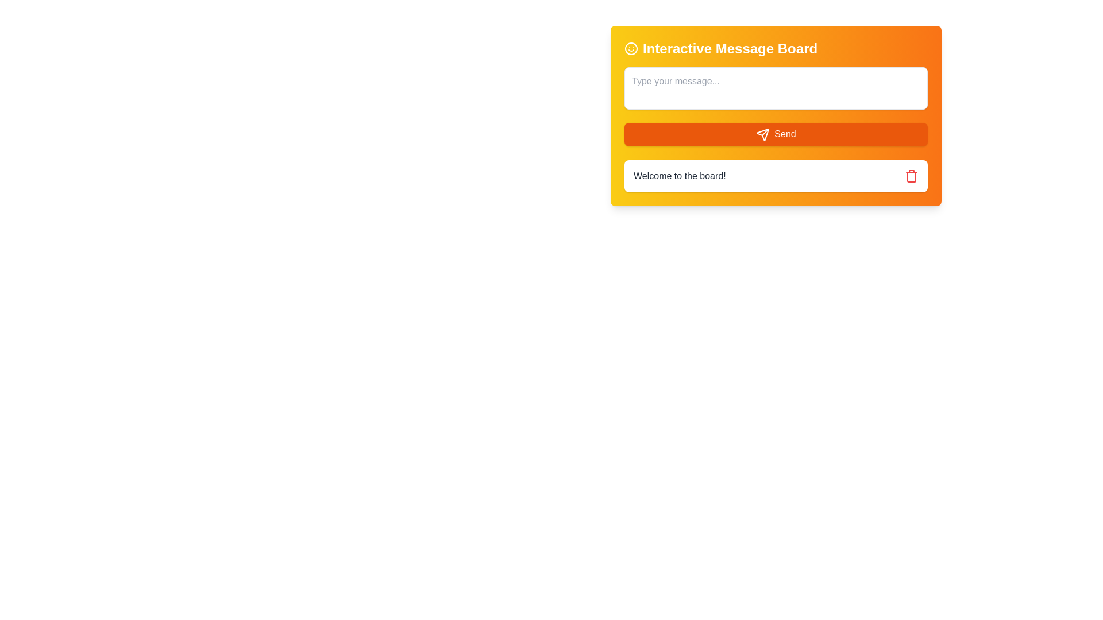 The image size is (1103, 620). Describe the element at coordinates (776, 48) in the screenshot. I see `the text label that serves as the title for the interactive message board, located at the top of a yellow-to-orange gradient card` at that location.